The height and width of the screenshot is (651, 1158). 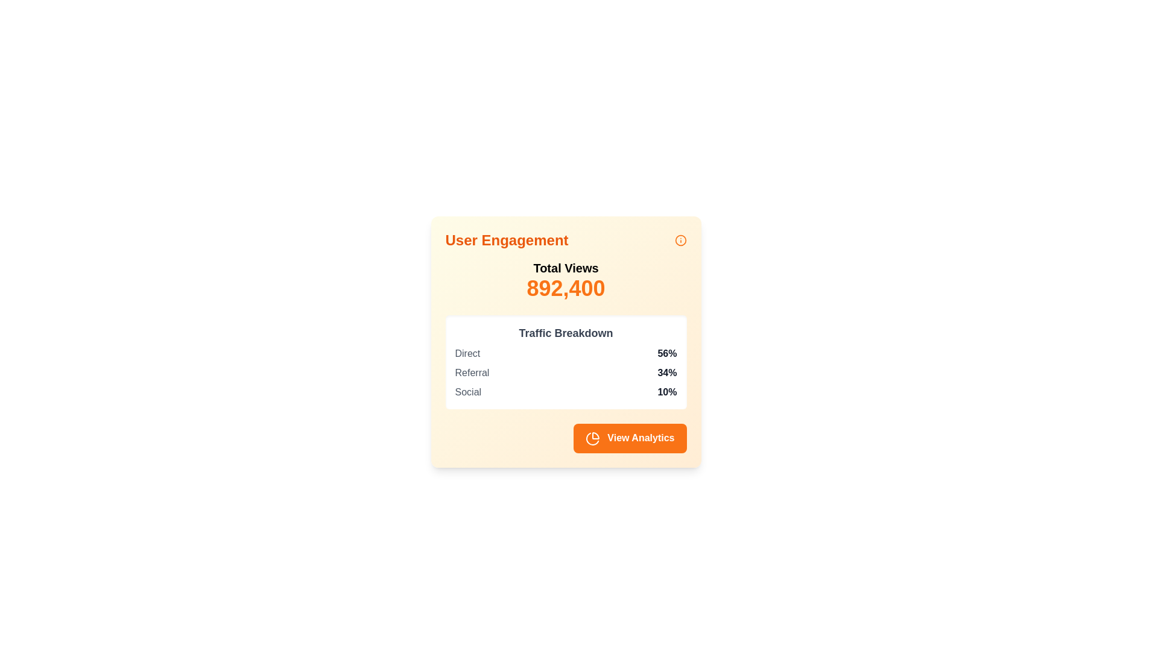 What do you see at coordinates (467, 392) in the screenshot?
I see `the 'Social' text label, which is a static label styled with a medium weight font and gray color, representing a traffic source in a structured list of user engagement metrics` at bounding box center [467, 392].